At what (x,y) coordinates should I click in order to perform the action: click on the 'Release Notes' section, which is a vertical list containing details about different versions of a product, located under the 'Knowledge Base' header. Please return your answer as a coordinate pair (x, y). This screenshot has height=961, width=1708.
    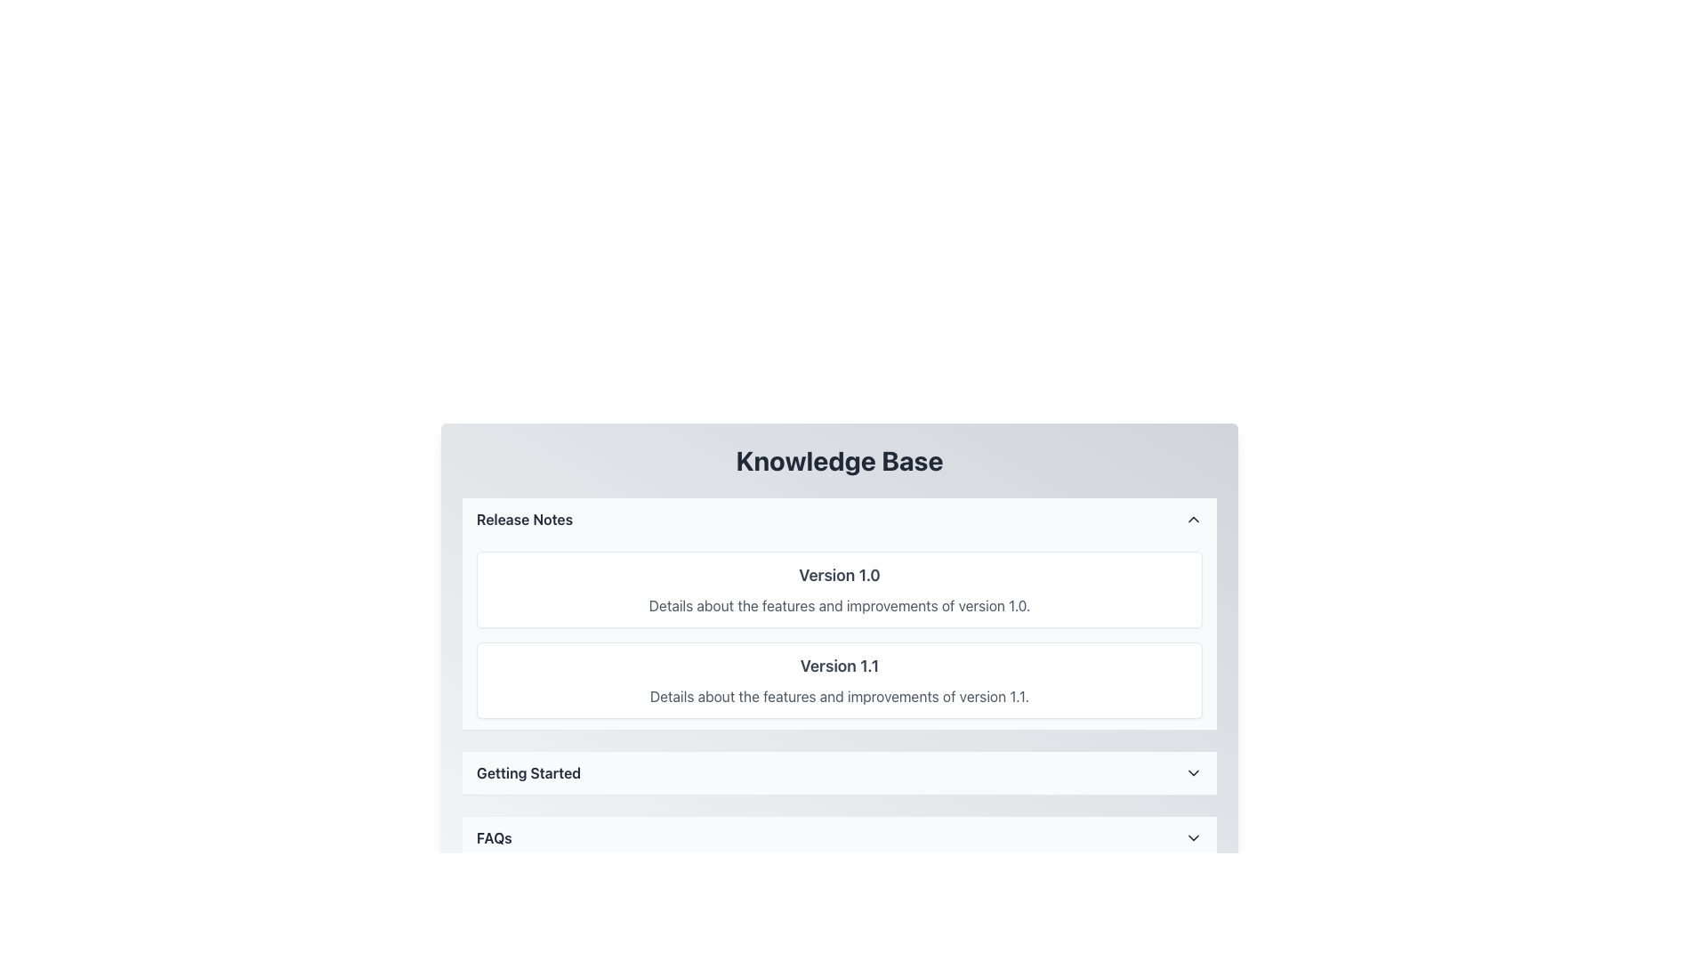
    Looking at the image, I should click on (839, 679).